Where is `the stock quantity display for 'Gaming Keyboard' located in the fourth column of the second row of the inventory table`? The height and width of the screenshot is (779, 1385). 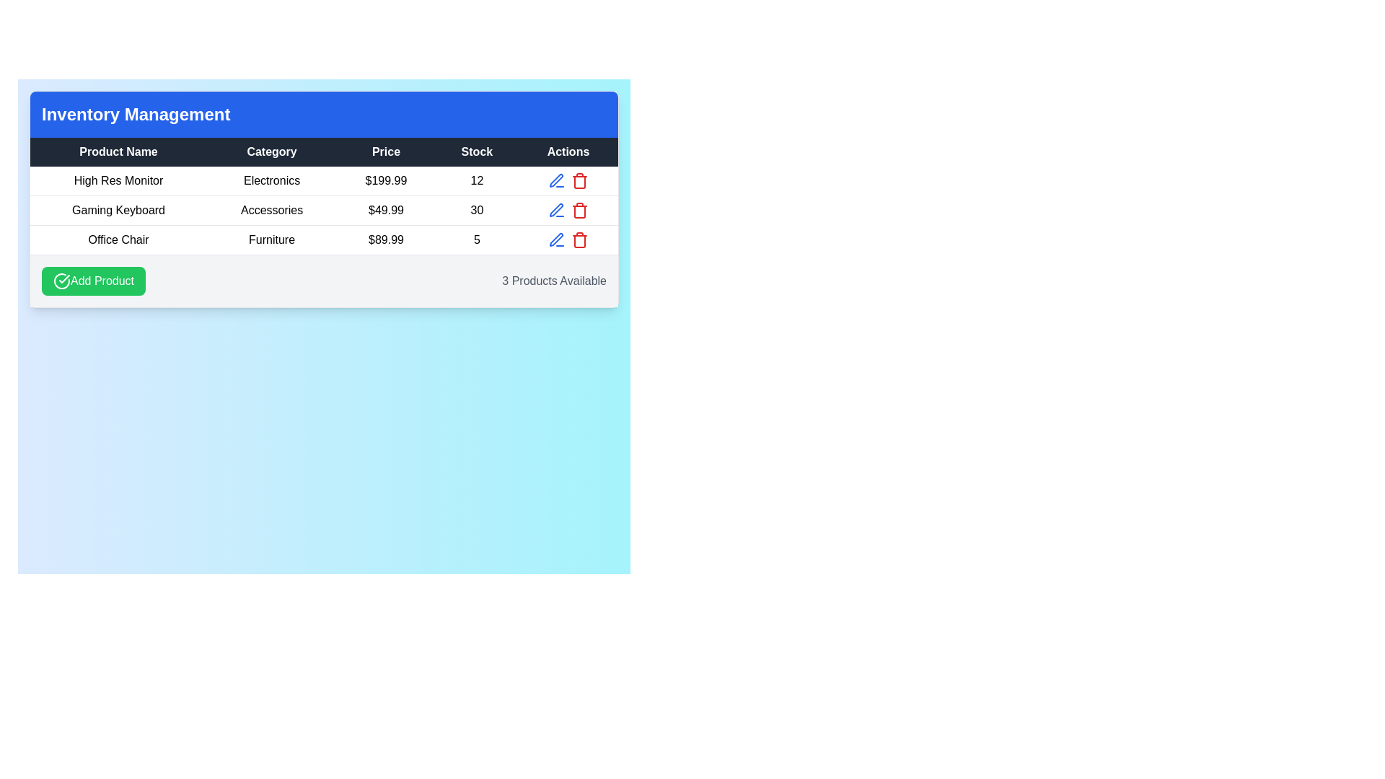 the stock quantity display for 'Gaming Keyboard' located in the fourth column of the second row of the inventory table is located at coordinates (477, 211).